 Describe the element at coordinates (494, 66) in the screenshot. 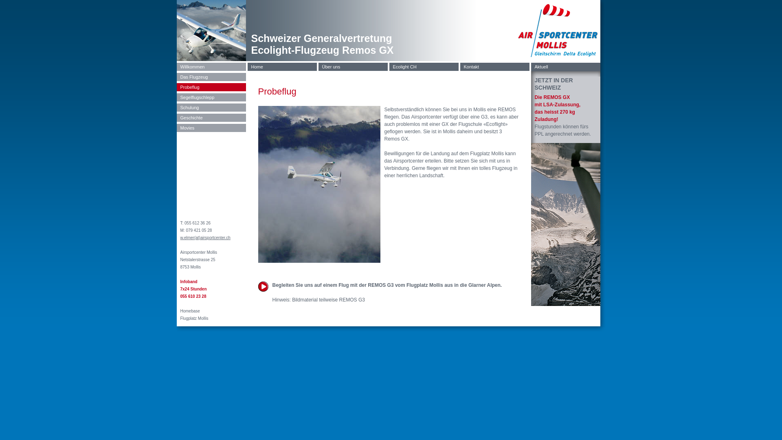

I see `'Kontakt'` at that location.